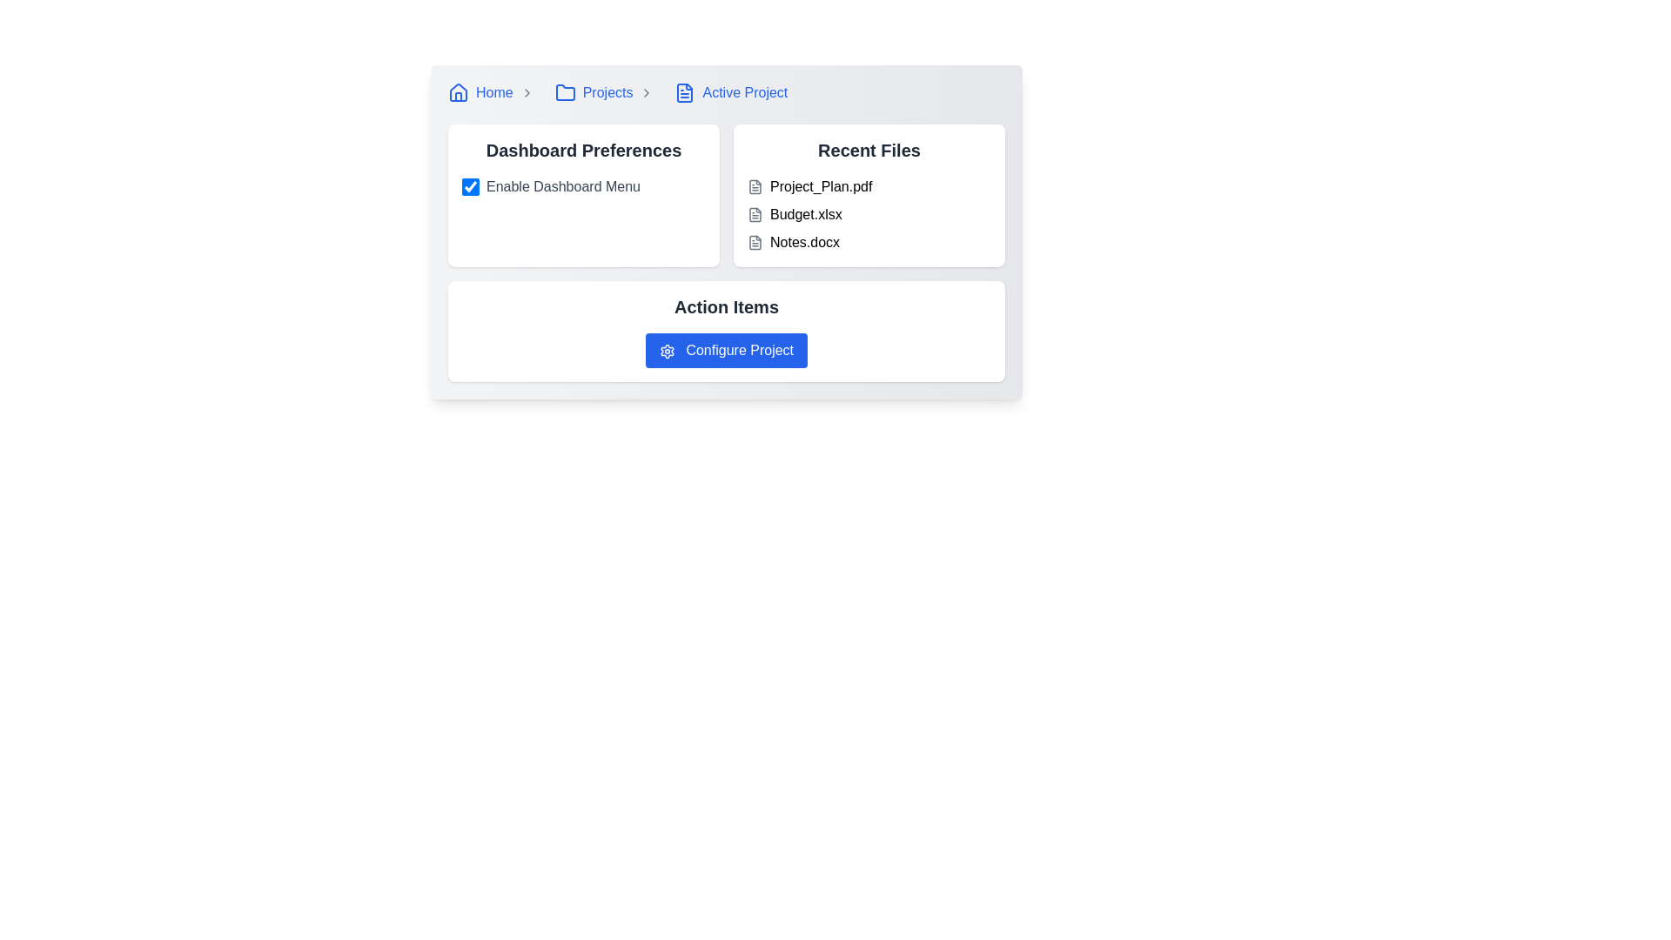 This screenshot has height=940, width=1671. Describe the element at coordinates (684, 93) in the screenshot. I see `the icon representing the current active project, which is located to the left of the 'Active Project' text in the breadcrumb navigation bar` at that location.